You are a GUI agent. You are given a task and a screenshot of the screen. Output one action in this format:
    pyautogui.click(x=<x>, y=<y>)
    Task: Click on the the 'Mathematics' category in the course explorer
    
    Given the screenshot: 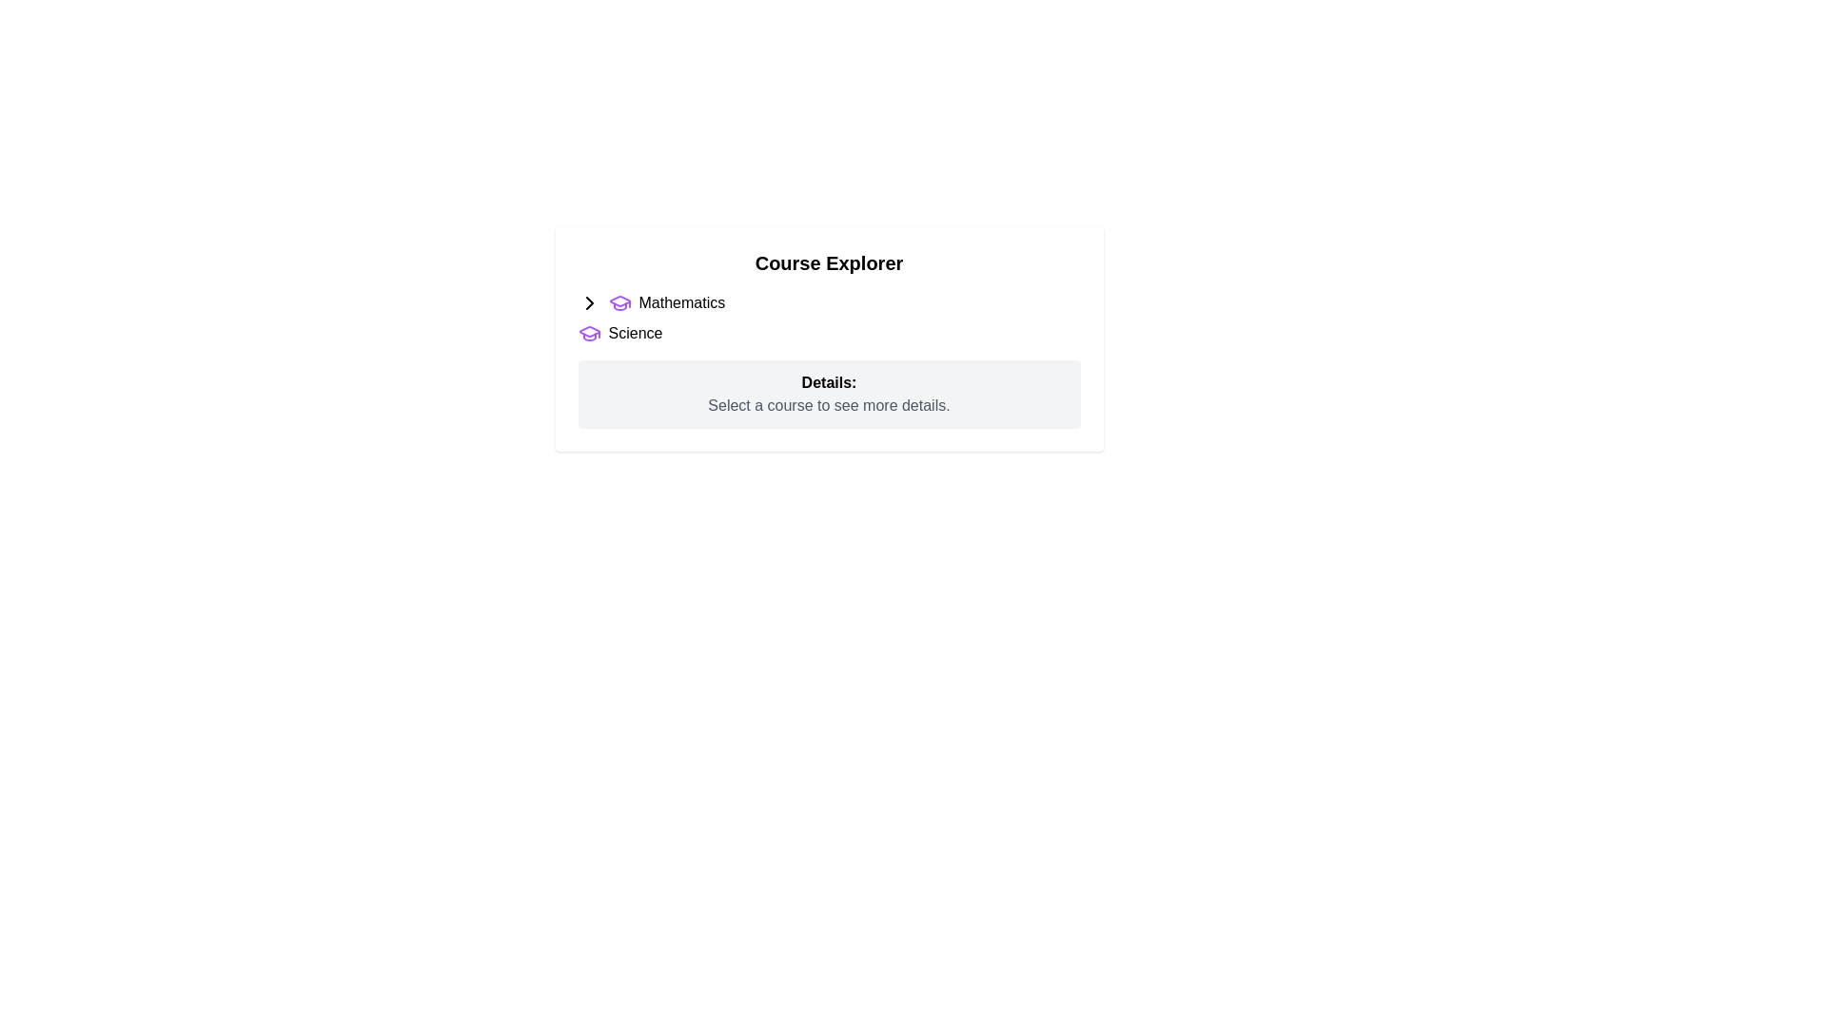 What is the action you would take?
    pyautogui.click(x=829, y=302)
    